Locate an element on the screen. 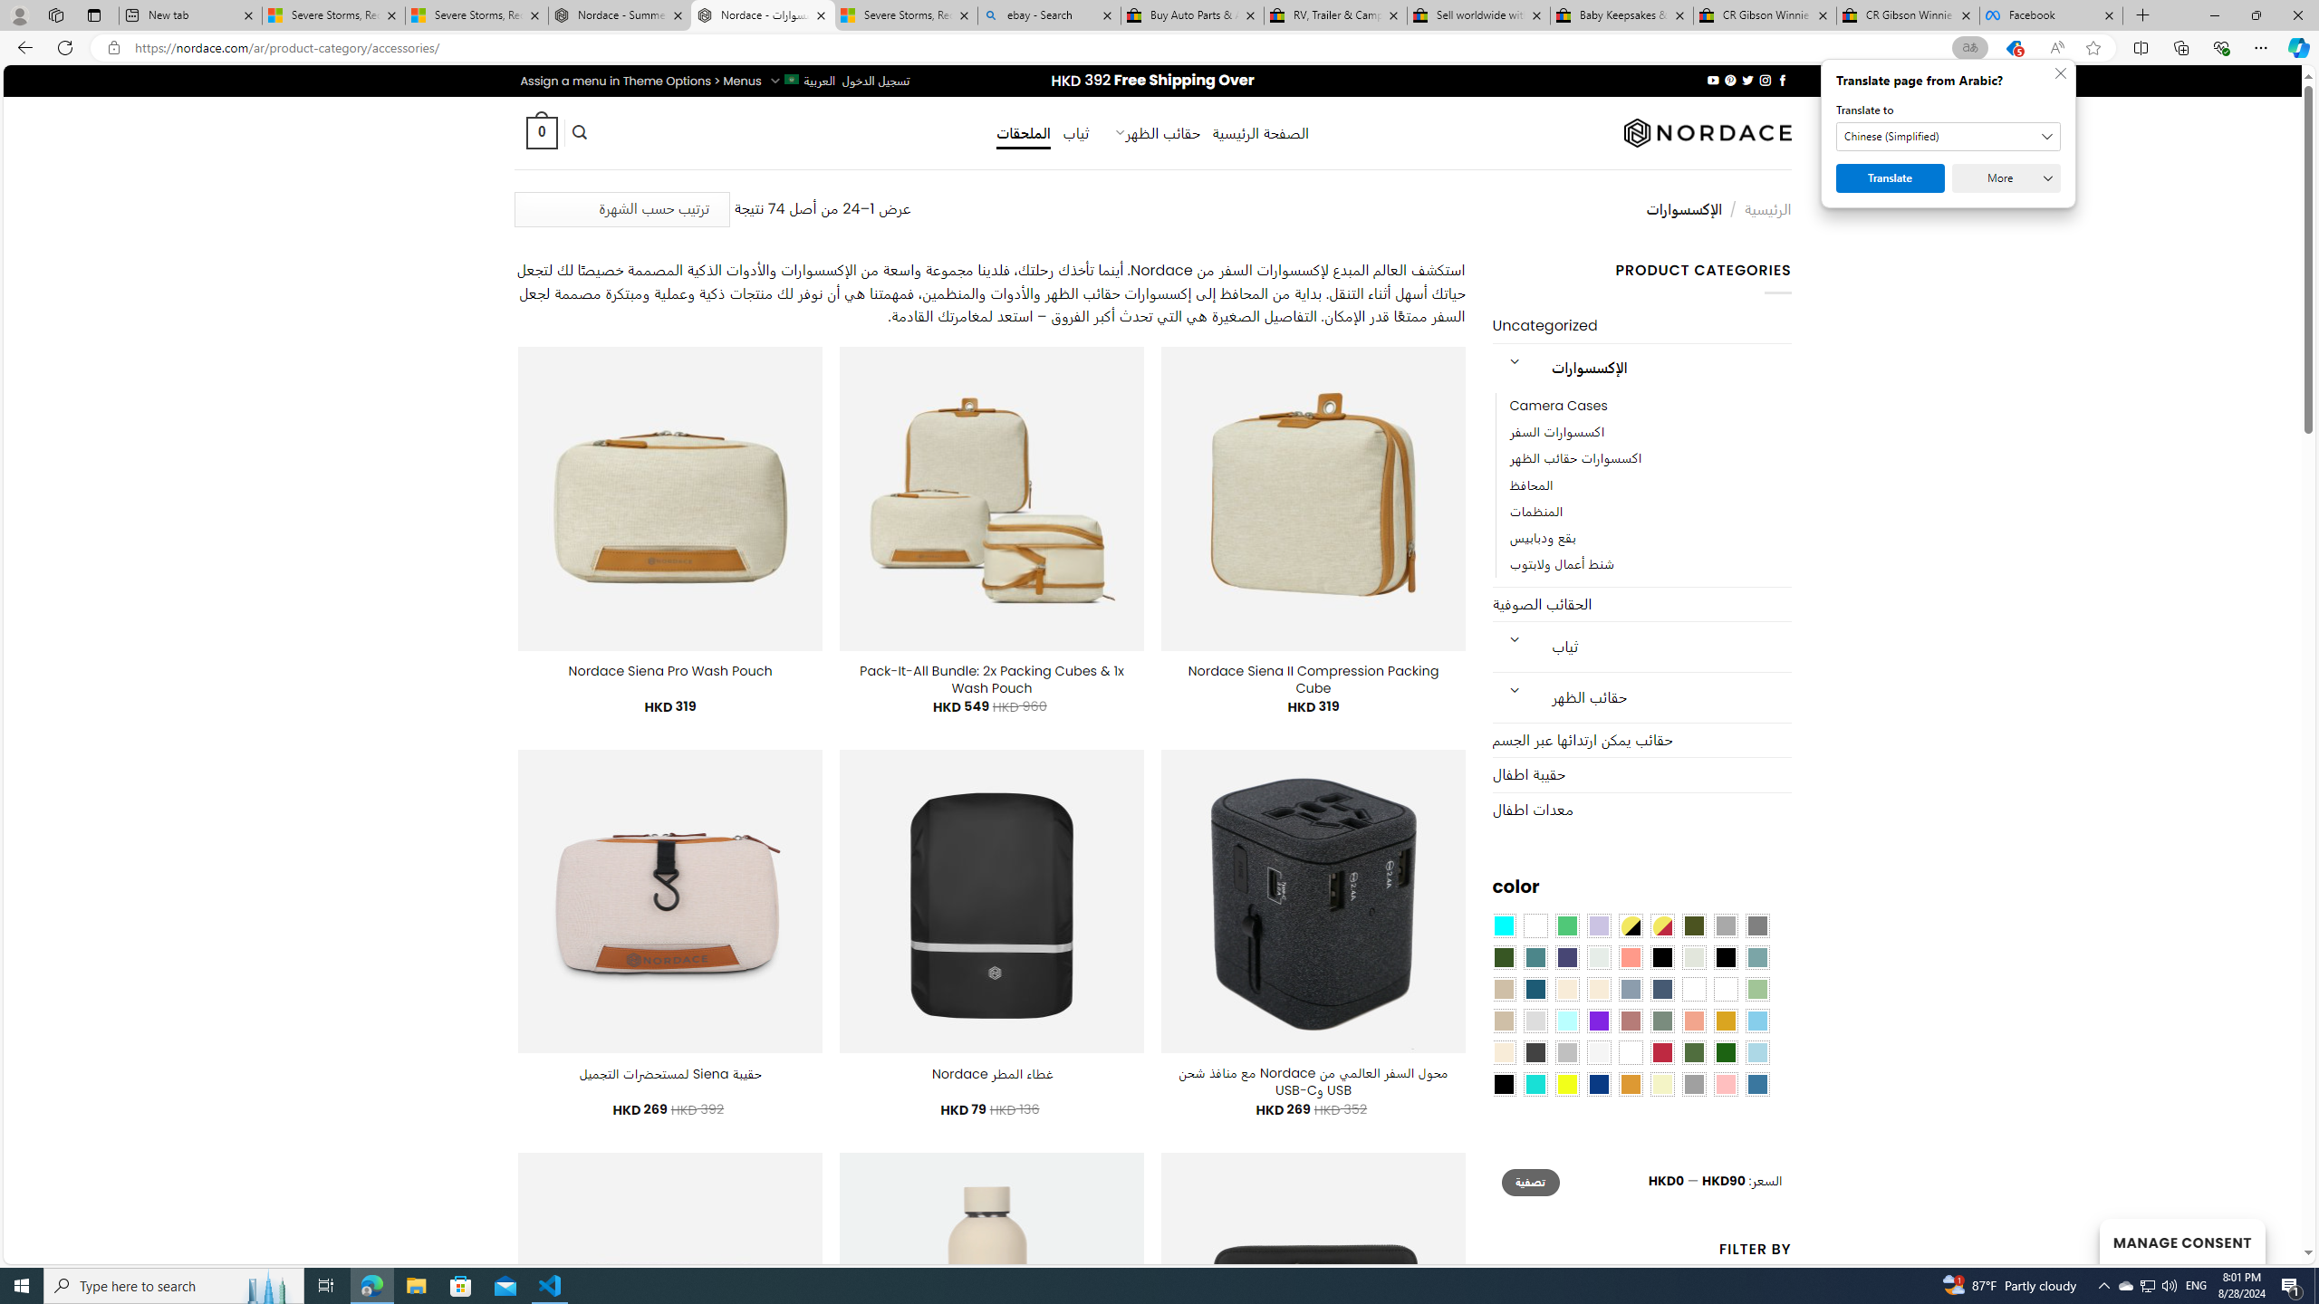 This screenshot has height=1304, width=2319. 'Follow on Instagram' is located at coordinates (1765, 80).